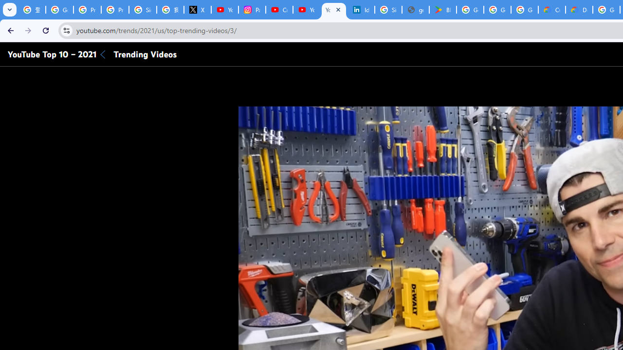 The height and width of the screenshot is (350, 623). What do you see at coordinates (334, 10) in the screenshot?
I see `'YouTube Culture & Trends - YouTube Top 10, 2021'` at bounding box center [334, 10].